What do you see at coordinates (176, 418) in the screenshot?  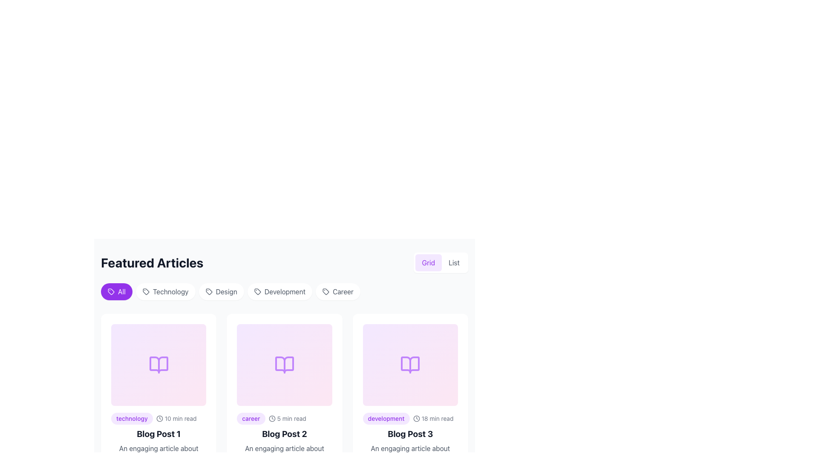 I see `text content of the label indicating the estimated reading time for the blog post, which is positioned next to a purple-tagged label indicating the category 'technology' in the first blog card under the 'Featured Articles' section` at bounding box center [176, 418].